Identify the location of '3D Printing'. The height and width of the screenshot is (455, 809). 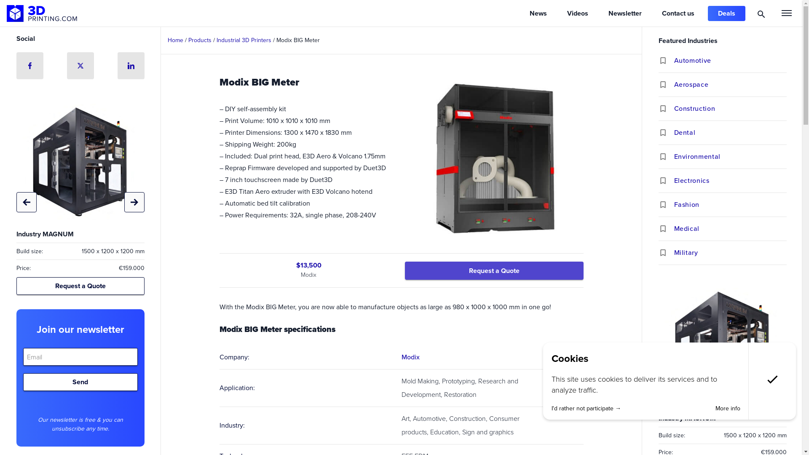
(6, 13).